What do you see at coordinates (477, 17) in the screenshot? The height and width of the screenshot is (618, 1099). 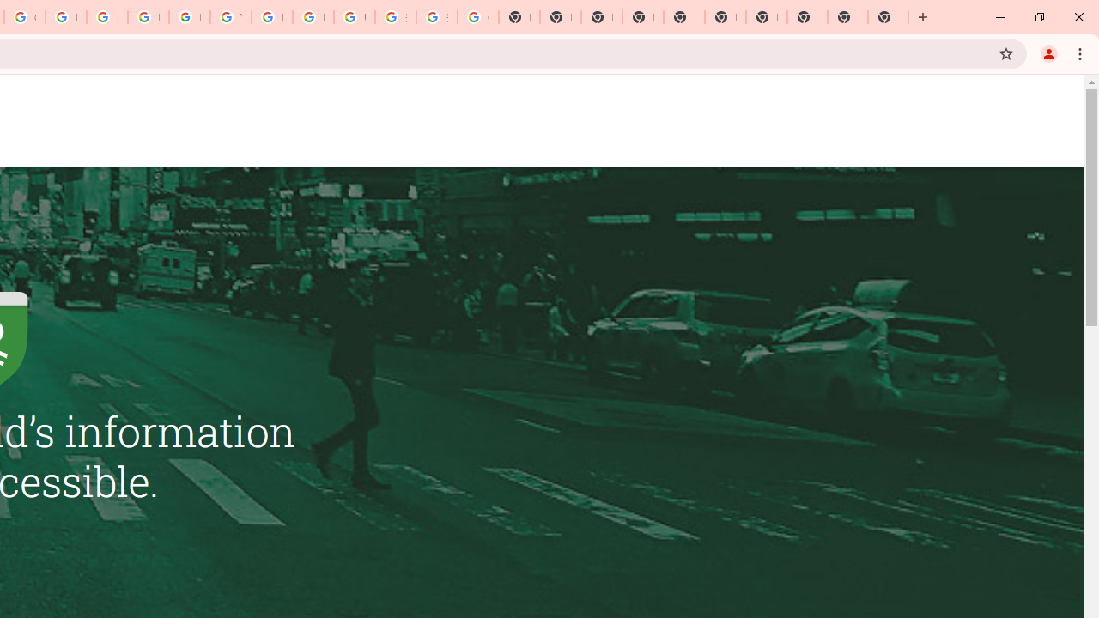 I see `'Google Images'` at bounding box center [477, 17].